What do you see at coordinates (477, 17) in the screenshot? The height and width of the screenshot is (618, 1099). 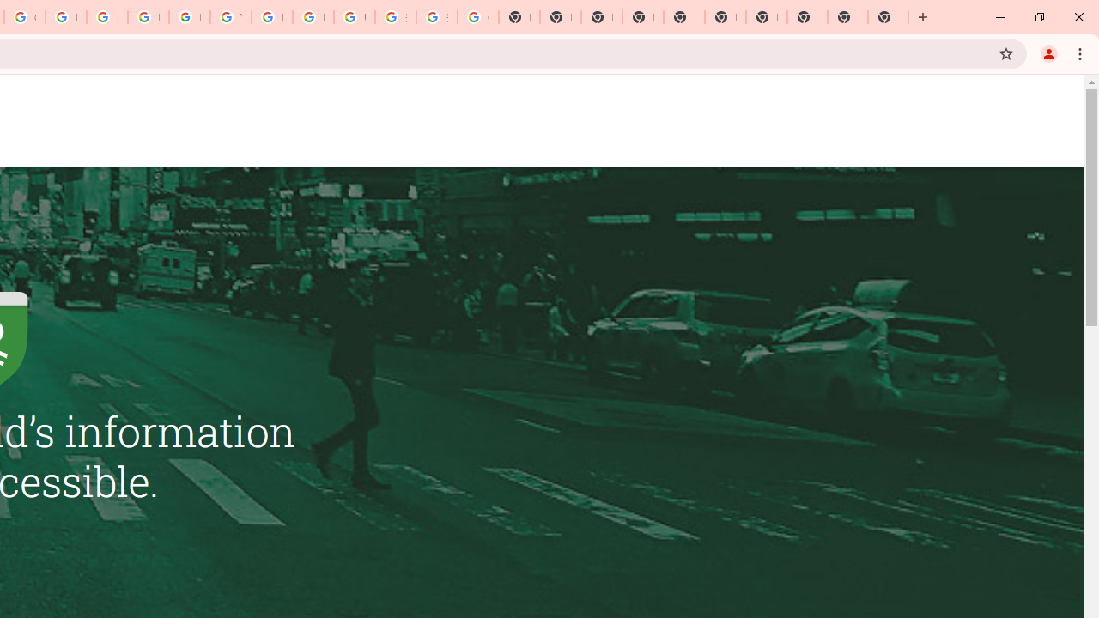 I see `'Google Images'` at bounding box center [477, 17].